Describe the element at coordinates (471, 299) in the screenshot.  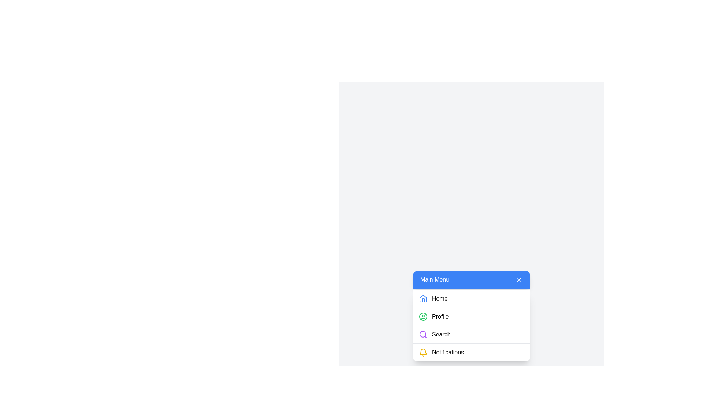
I see `the 'Home' menu item, which is the first item in the vertical menu below 'Main Menu' and above 'Profile'` at that location.